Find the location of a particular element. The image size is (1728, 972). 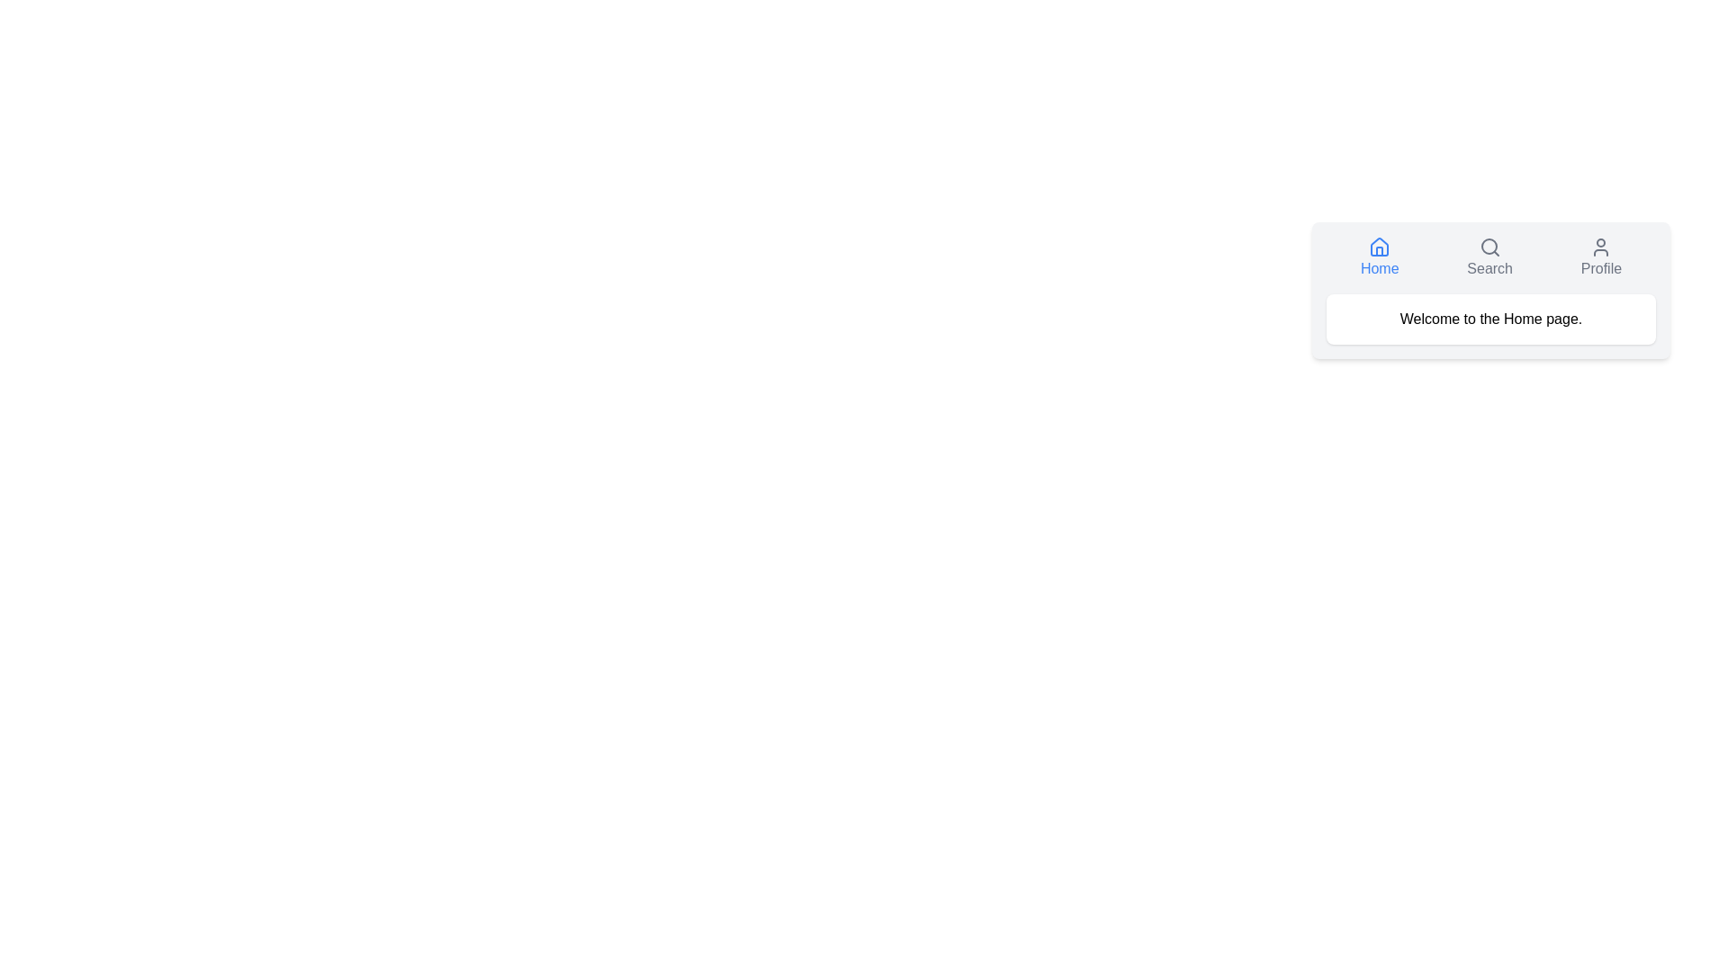

the Navigation Button that accesses the 'Home' section to observe the tooltip or visual effect is located at coordinates (1379, 257).